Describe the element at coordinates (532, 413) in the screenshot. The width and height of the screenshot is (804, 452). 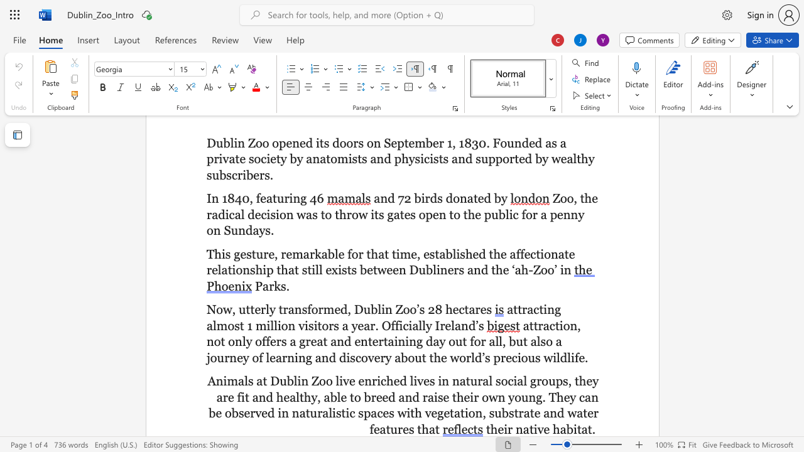
I see `the 7th character "t" in the text` at that location.